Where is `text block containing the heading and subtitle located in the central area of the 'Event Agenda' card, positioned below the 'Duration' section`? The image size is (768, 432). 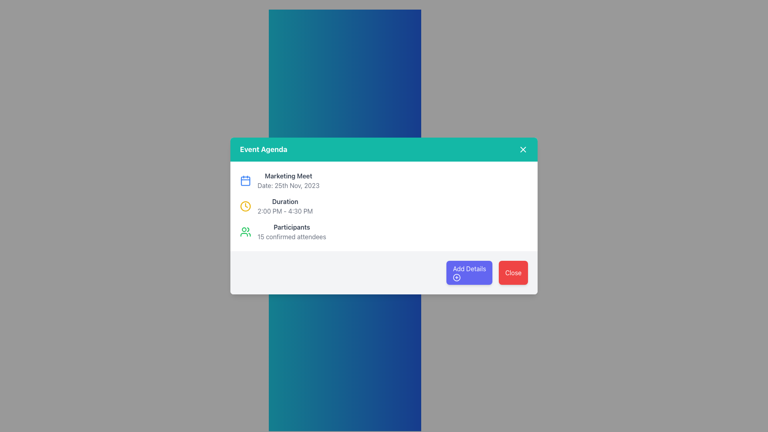
text block containing the heading and subtitle located in the central area of the 'Event Agenda' card, positioned below the 'Duration' section is located at coordinates (291, 232).